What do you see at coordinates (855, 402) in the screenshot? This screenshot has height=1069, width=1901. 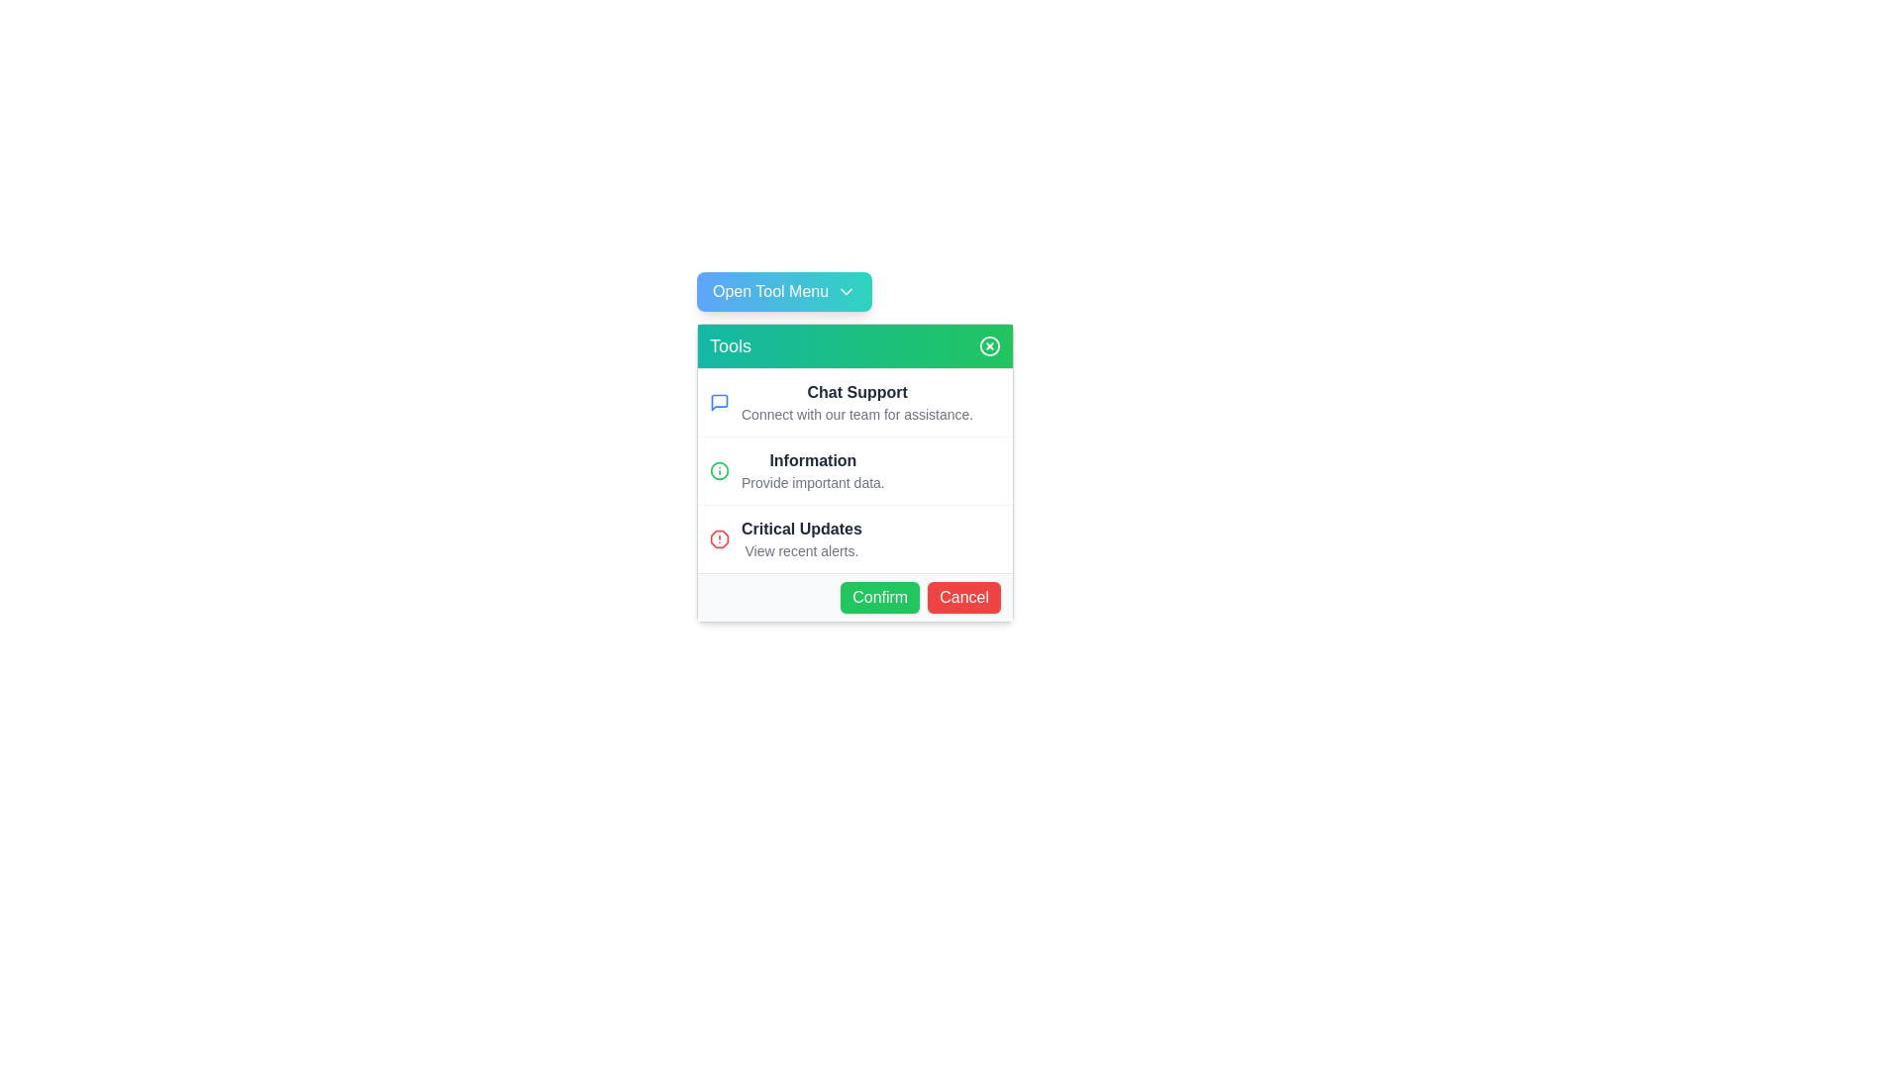 I see `the first list item labeled 'Chat Support', which features a blue speech bubble icon` at bounding box center [855, 402].